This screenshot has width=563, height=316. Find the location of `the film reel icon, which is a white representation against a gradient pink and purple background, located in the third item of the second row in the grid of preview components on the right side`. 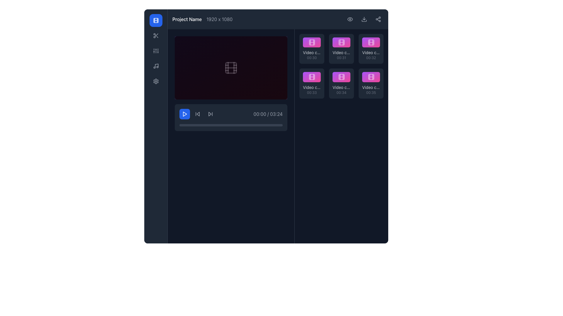

the film reel icon, which is a white representation against a gradient pink and purple background, located in the third item of the second row in the grid of preview components on the right side is located at coordinates (311, 77).